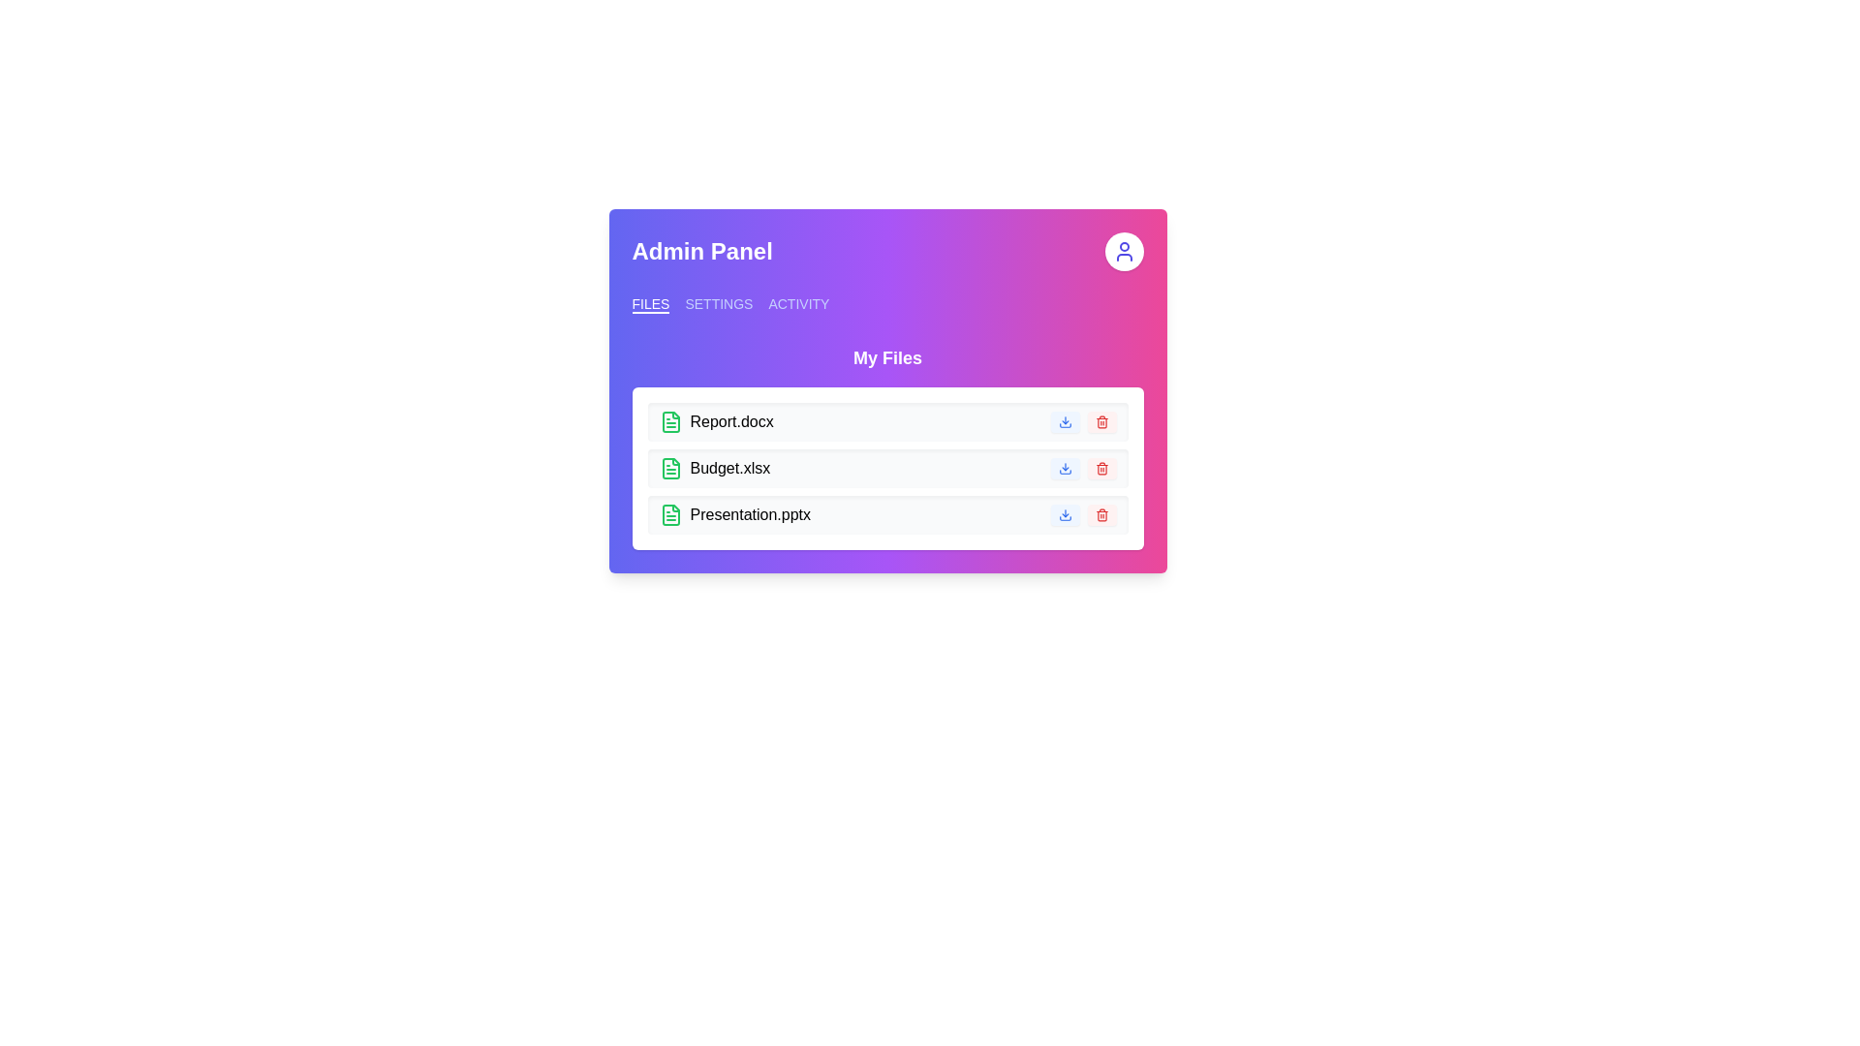 This screenshot has height=1046, width=1860. What do you see at coordinates (670, 514) in the screenshot?
I see `the graphical file icon representing 'Report.docx', which is a green document icon with a folded corner, located in the 'My Files' section` at bounding box center [670, 514].